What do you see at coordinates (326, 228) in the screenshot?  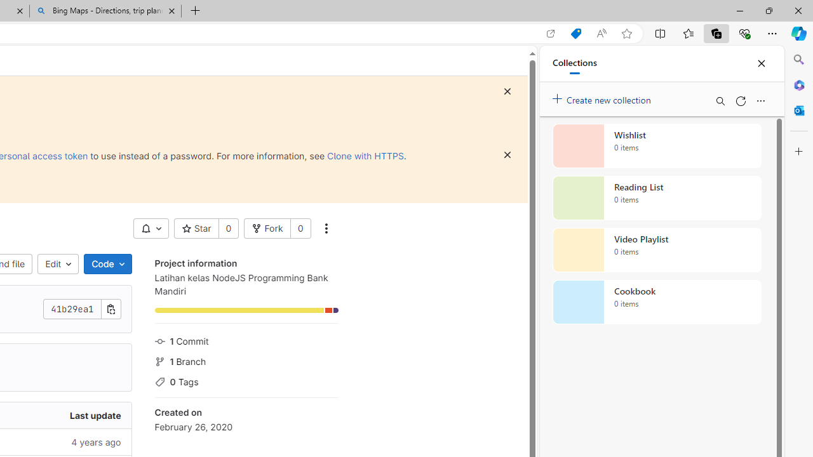 I see `'More actions'` at bounding box center [326, 228].